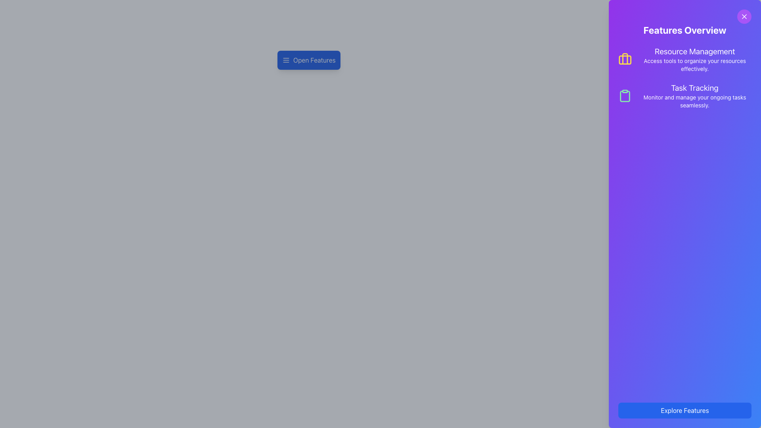 The width and height of the screenshot is (761, 428). Describe the element at coordinates (624, 96) in the screenshot. I see `the clipboard icon representing the 'Task Tracking' feature located in the second row of the sidebar, adjacent to the textual heading 'Task Tracking'` at that location.